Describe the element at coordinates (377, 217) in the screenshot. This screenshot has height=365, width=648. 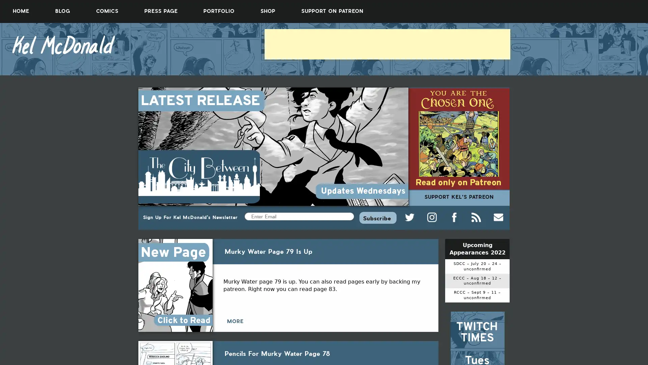
I see `Subscribe` at that location.